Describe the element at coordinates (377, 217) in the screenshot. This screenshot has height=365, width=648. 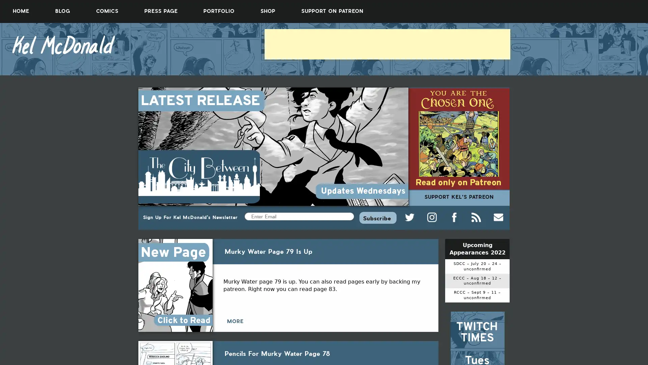
I see `Subscribe` at that location.